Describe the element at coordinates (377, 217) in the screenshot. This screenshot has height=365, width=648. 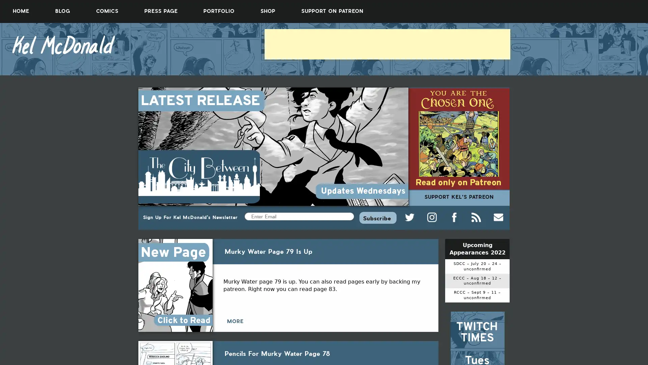
I see `Subscribe` at that location.